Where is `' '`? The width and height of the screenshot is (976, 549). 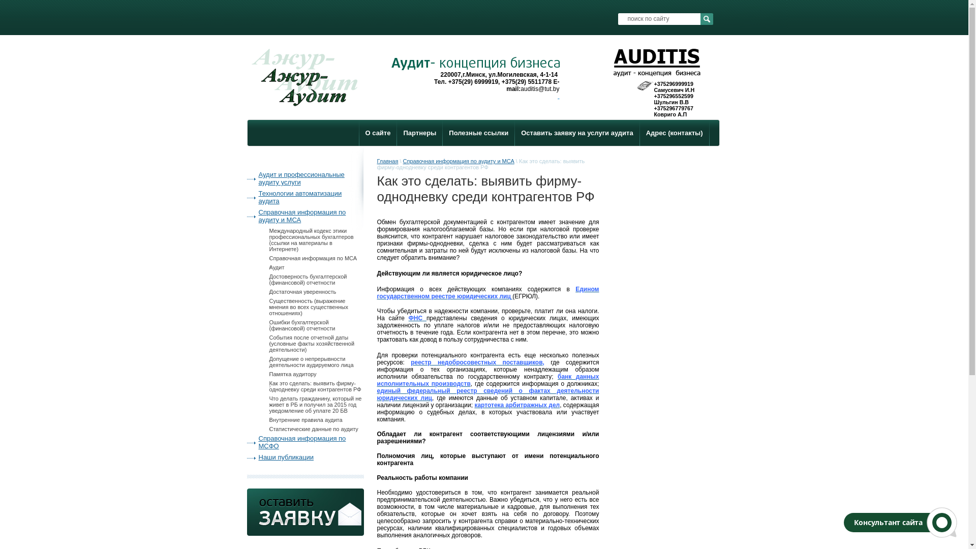
' ' is located at coordinates (557, 96).